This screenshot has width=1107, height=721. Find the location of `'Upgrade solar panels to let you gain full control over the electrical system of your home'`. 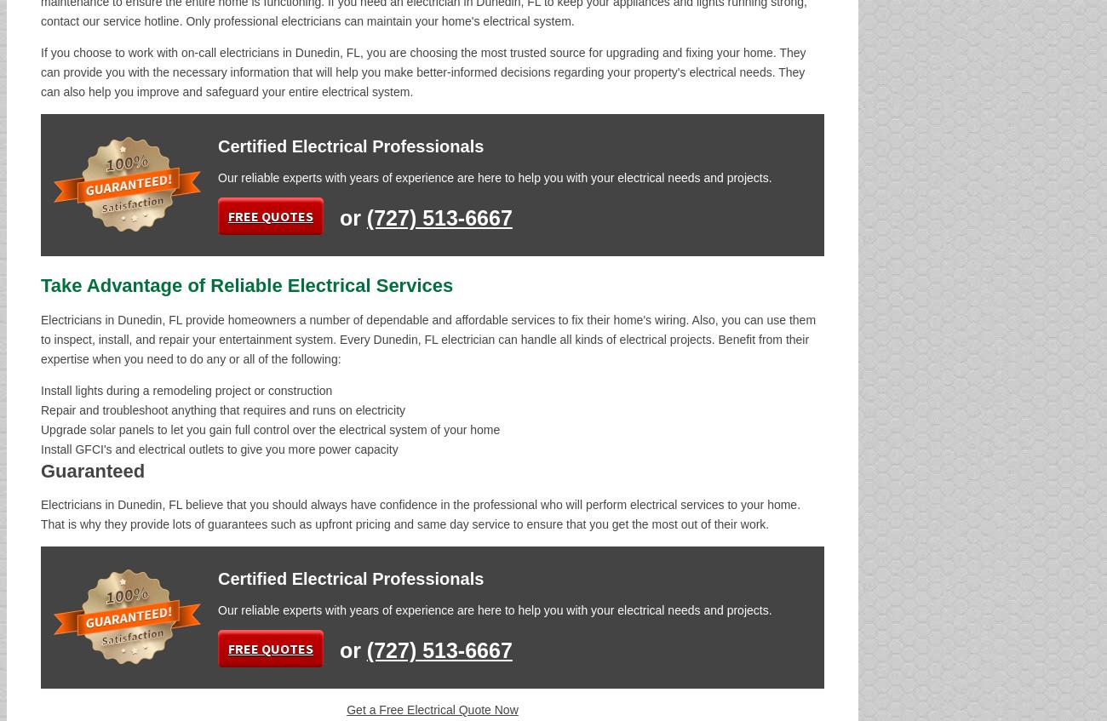

'Upgrade solar panels to let you gain full control over the electrical system of your home' is located at coordinates (270, 428).